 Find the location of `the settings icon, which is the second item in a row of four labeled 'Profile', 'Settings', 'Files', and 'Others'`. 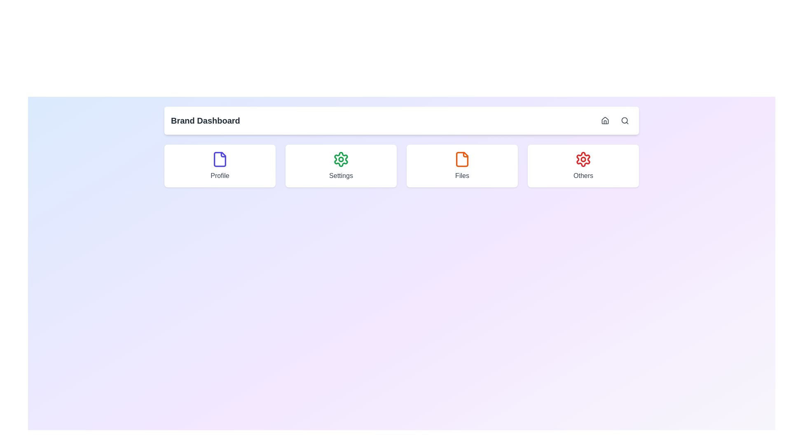

the settings icon, which is the second item in a row of four labeled 'Profile', 'Settings', 'Files', and 'Others' is located at coordinates (341, 159).